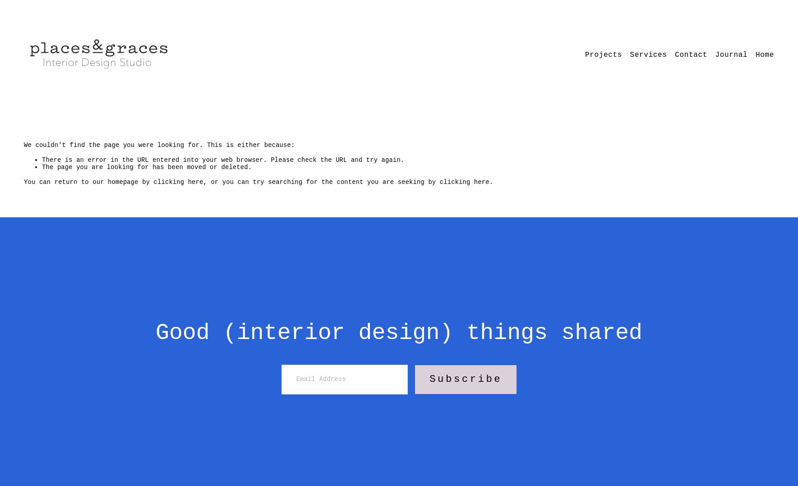 The image size is (798, 486). What do you see at coordinates (731, 55) in the screenshot?
I see `'Journal'` at bounding box center [731, 55].